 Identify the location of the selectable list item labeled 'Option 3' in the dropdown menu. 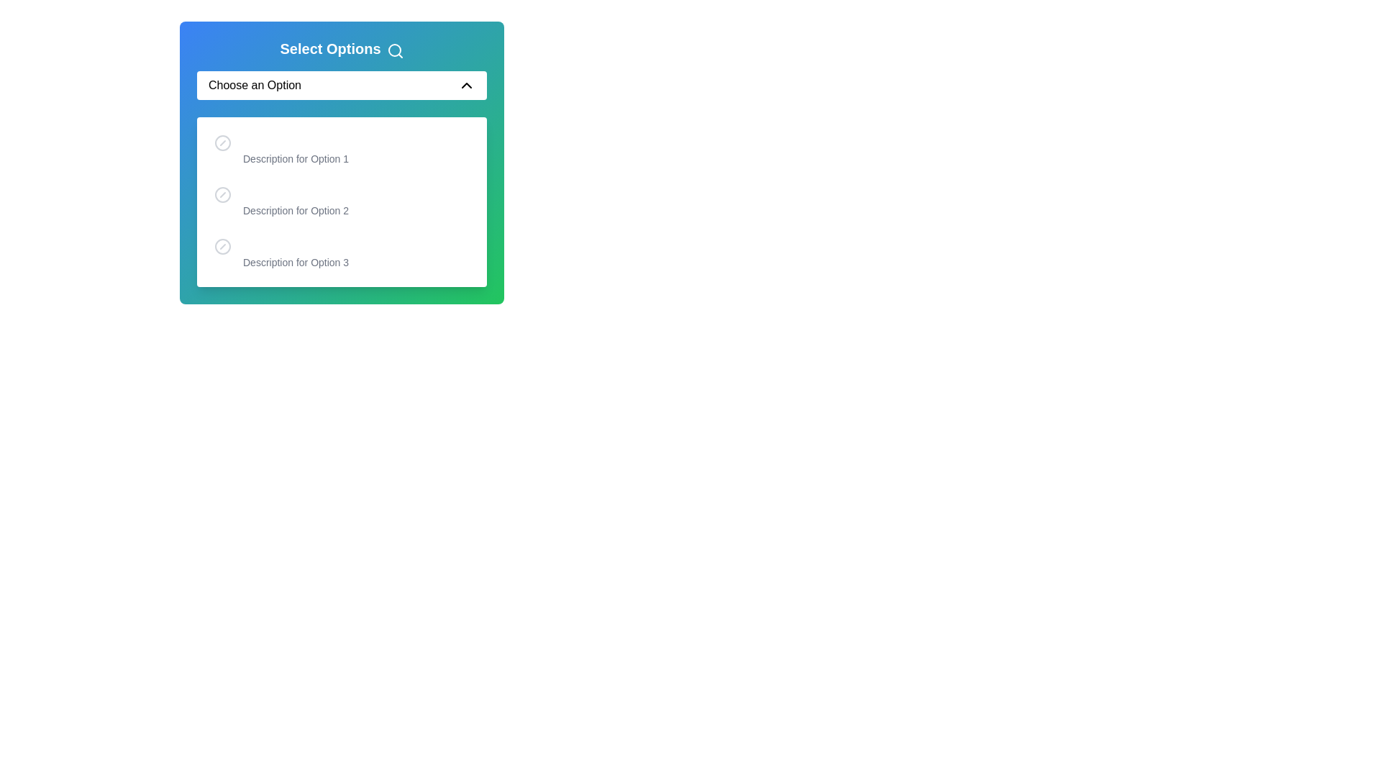
(341, 253).